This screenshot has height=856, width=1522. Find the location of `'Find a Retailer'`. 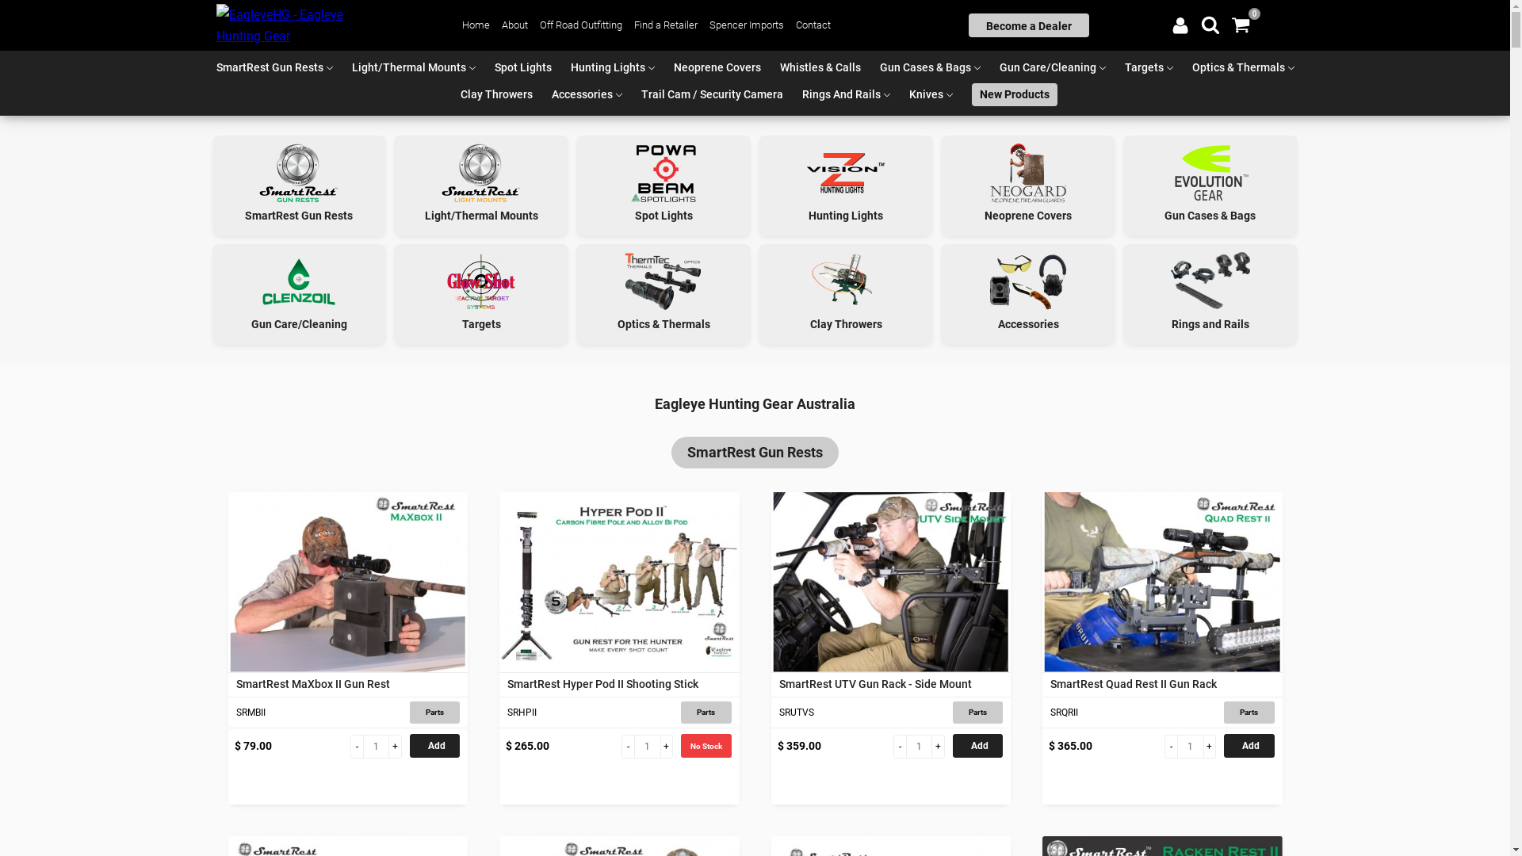

'Find a Retailer' is located at coordinates (666, 25).